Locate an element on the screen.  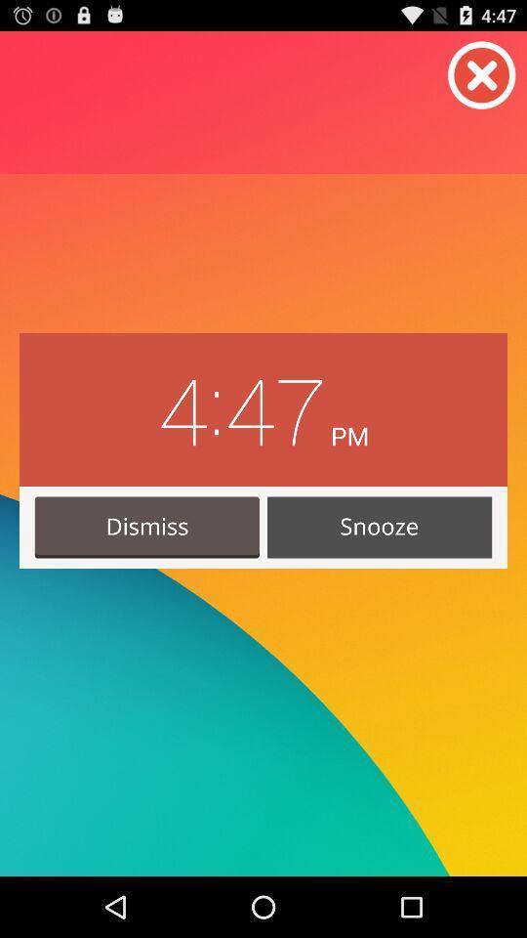
alarm displyer is located at coordinates (481, 75).